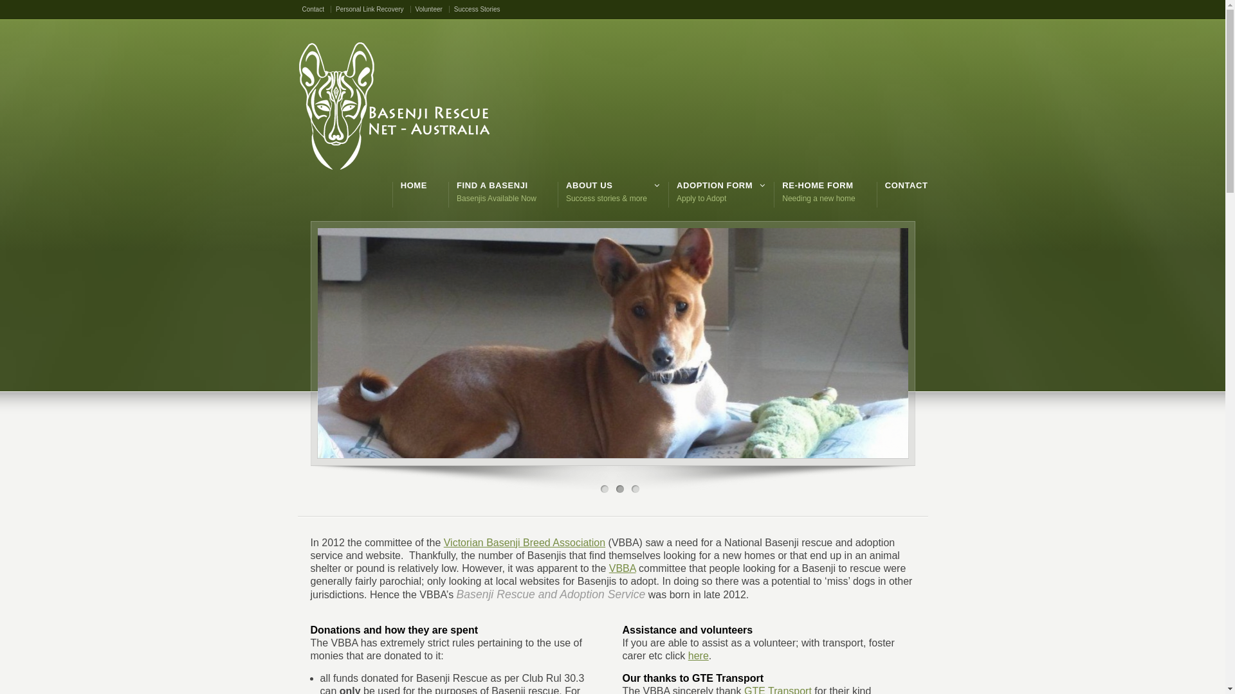  I want to click on 'Personal Link Recovery', so click(372, 9).